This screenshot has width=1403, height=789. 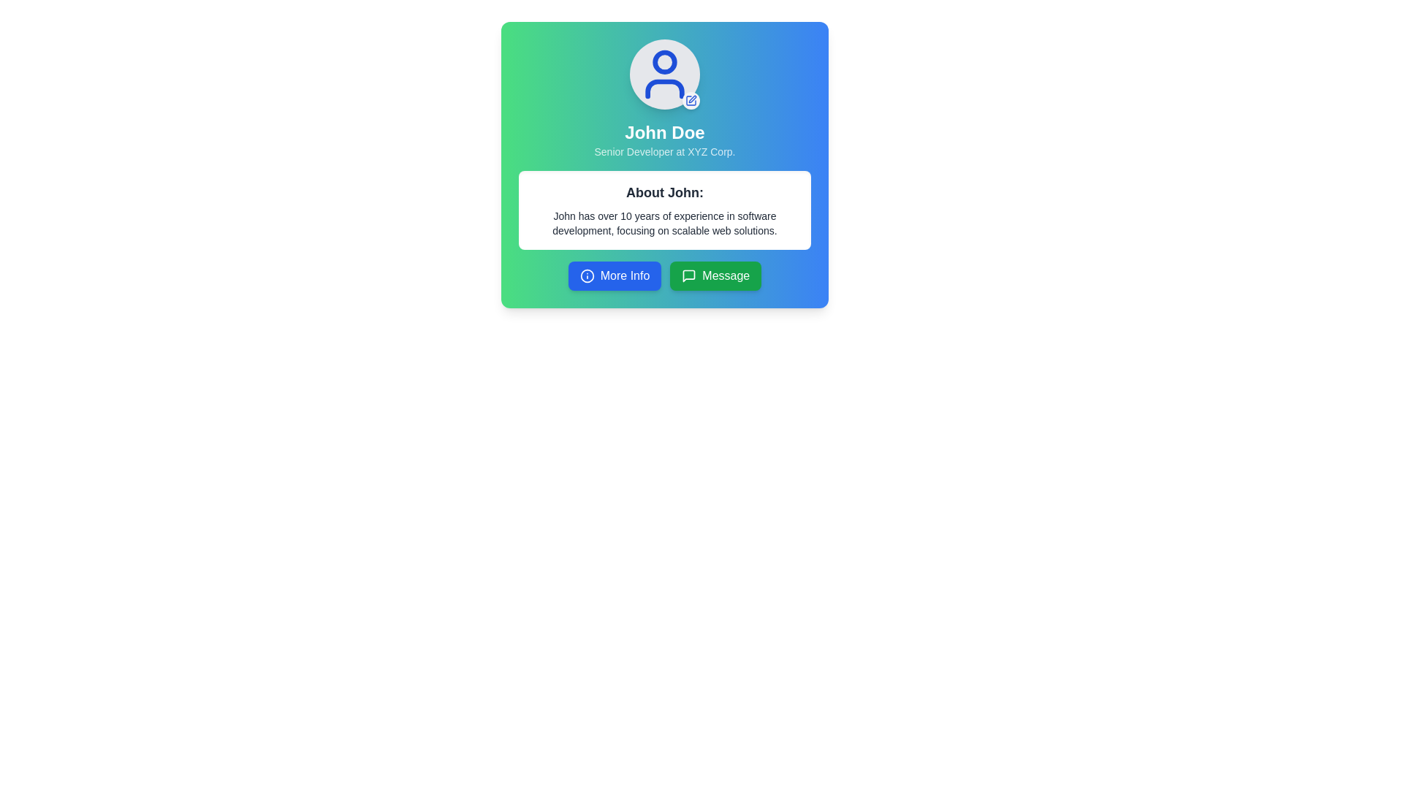 What do you see at coordinates (615, 276) in the screenshot?
I see `the leftmost button in the horizontal group of buttons on the profile card layout` at bounding box center [615, 276].